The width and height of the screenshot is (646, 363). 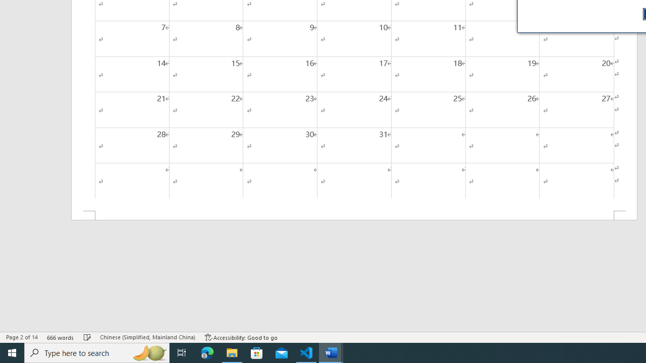 I want to click on 'Type here to search', so click(x=97, y=352).